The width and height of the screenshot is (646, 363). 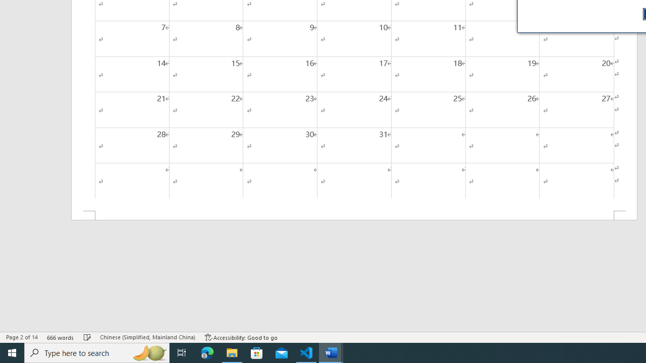 I want to click on 'Type here to search', so click(x=97, y=352).